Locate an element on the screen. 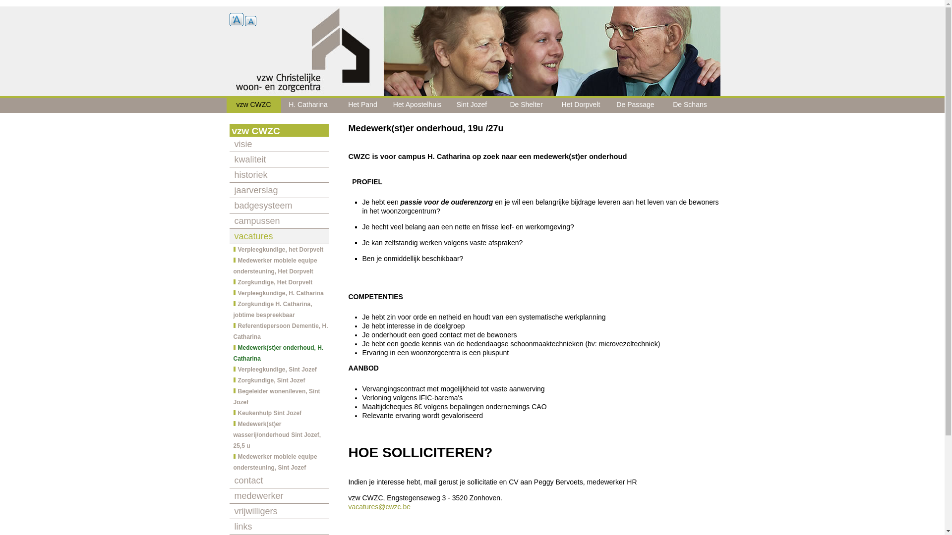  'Verpleegkundige, het Dorpvelt' is located at coordinates (278, 249).